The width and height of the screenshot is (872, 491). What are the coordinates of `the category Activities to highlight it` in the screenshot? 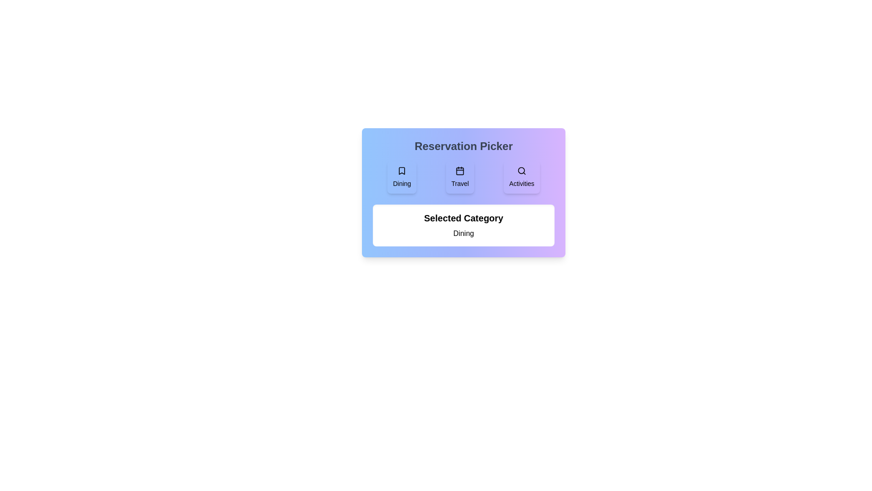 It's located at (521, 177).